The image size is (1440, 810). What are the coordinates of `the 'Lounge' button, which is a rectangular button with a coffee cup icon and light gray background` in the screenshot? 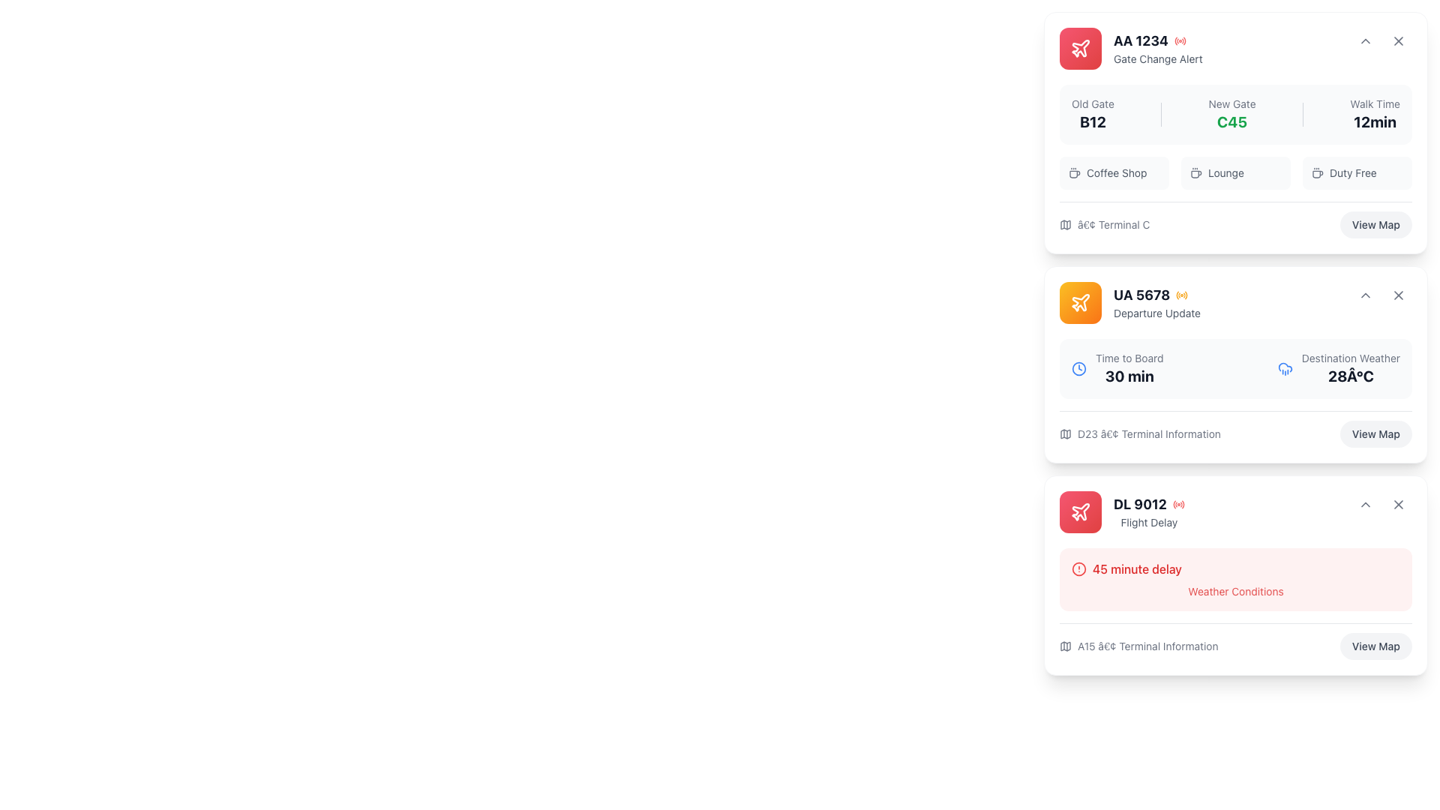 It's located at (1235, 172).